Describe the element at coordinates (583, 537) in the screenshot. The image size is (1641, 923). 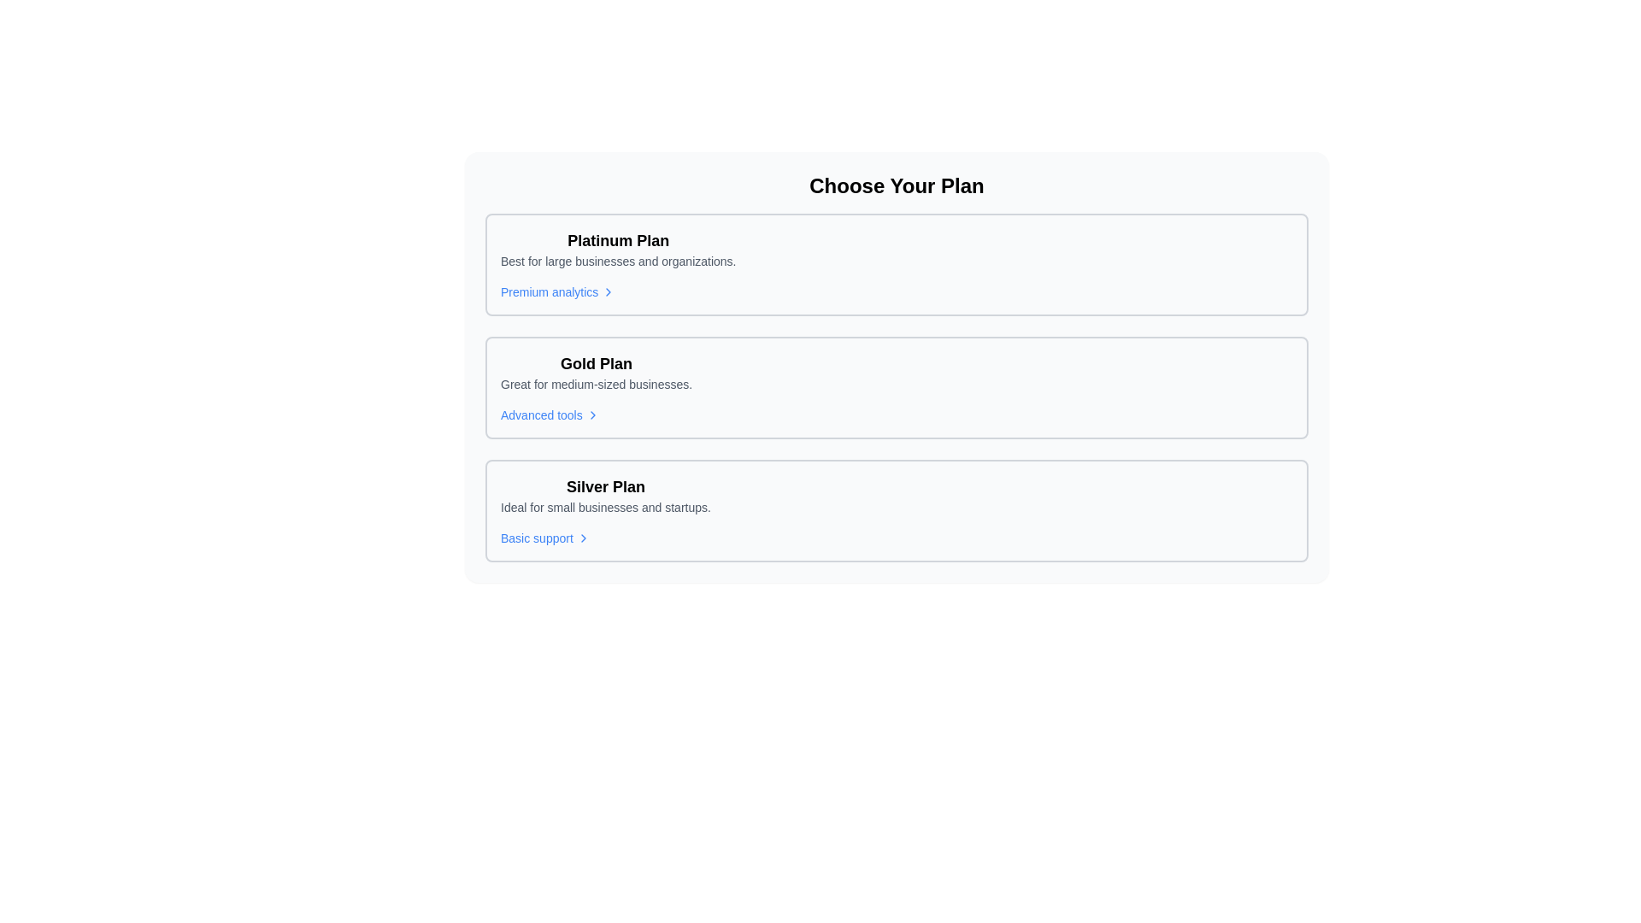
I see `the icon that visually indicates an action related to the 'Basic support' text, located to the right of the 'Basic support' link in the Silver Plan section` at that location.